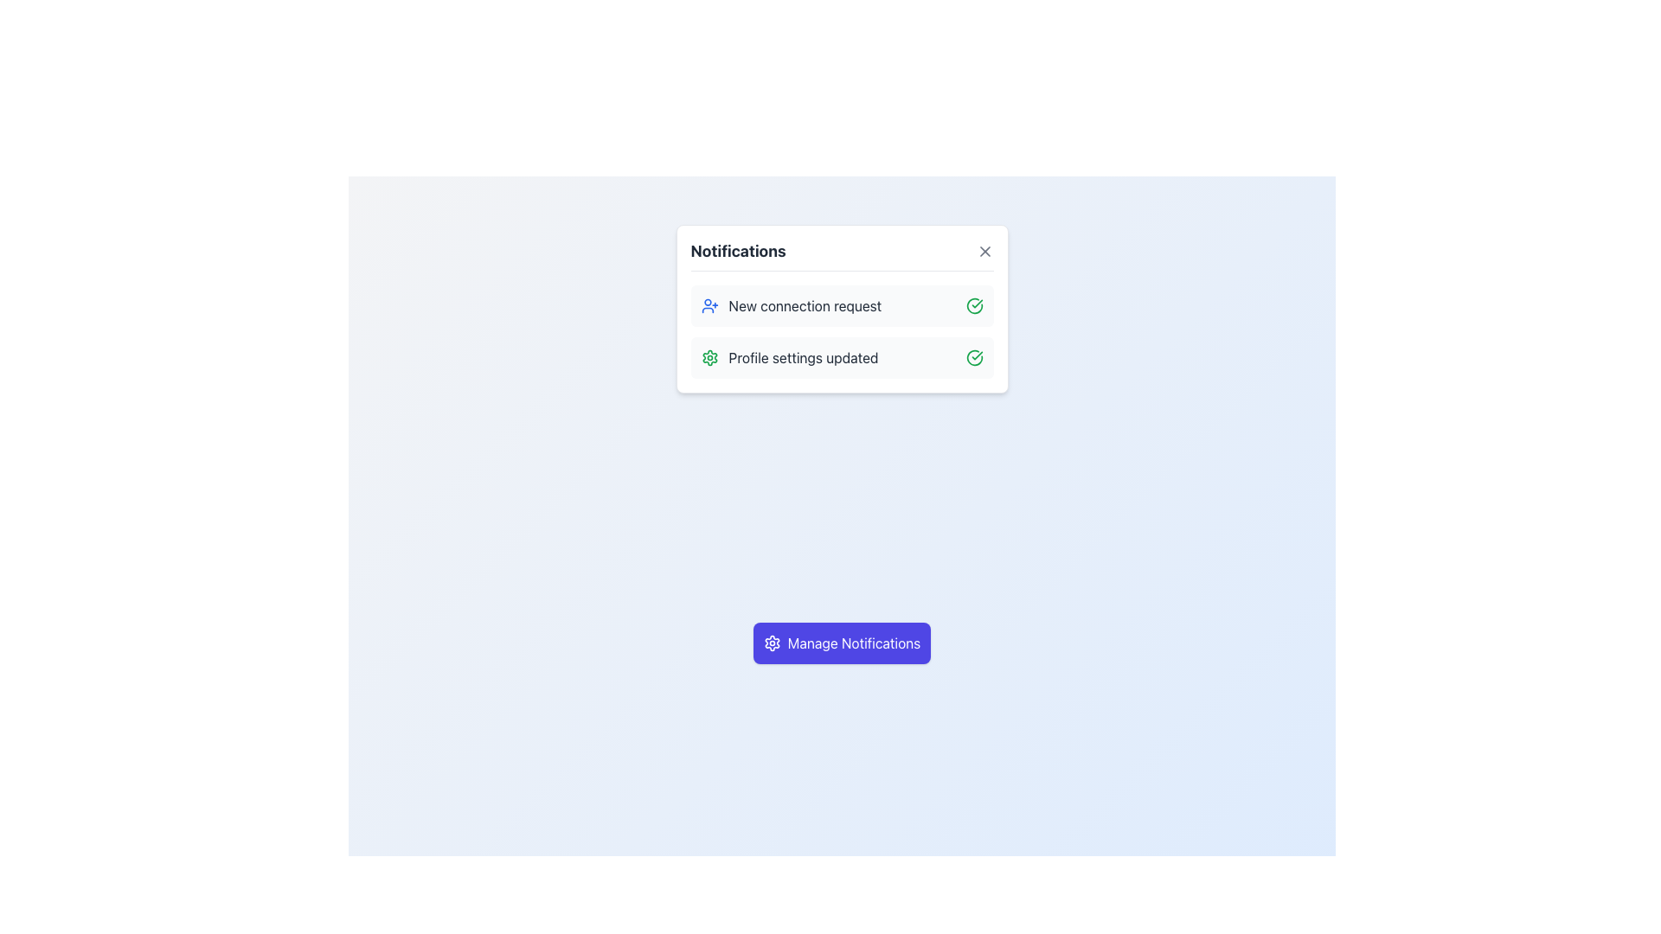 The width and height of the screenshot is (1661, 934). What do you see at coordinates (709, 356) in the screenshot?
I see `the green gear-shaped icon in the 'Profile settings updated' notification` at bounding box center [709, 356].